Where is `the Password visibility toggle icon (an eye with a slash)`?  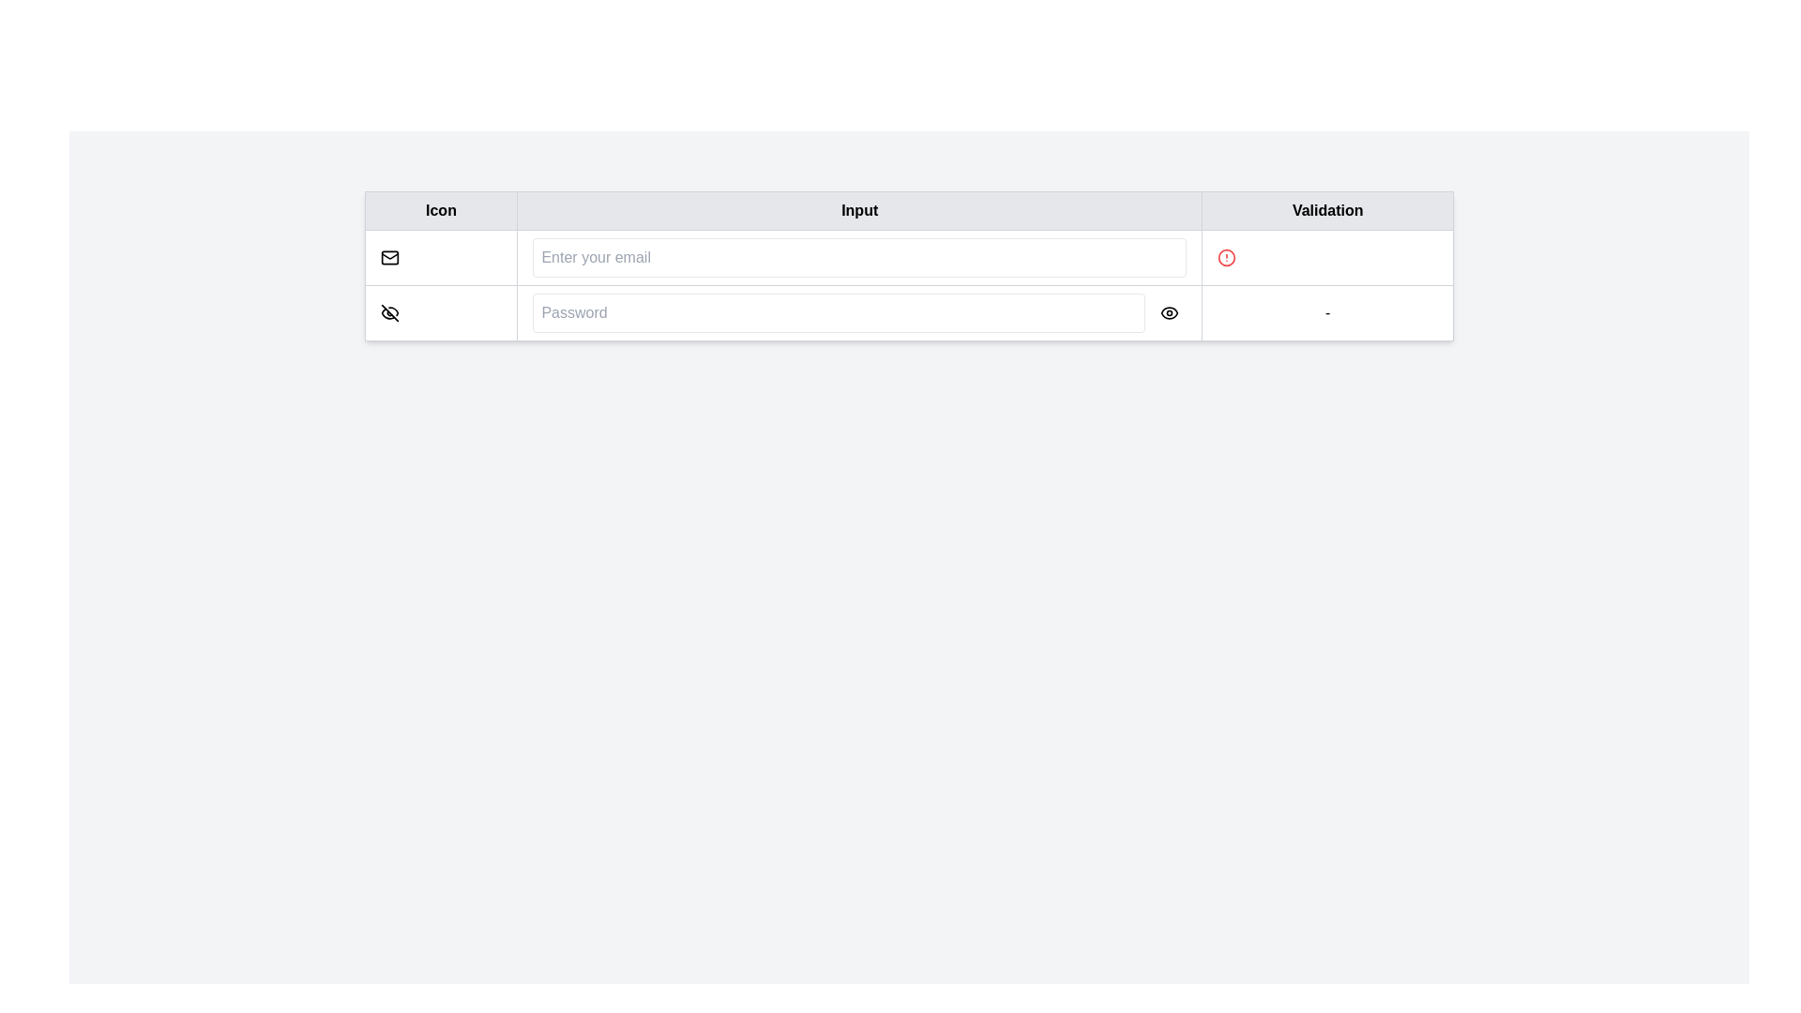 the Password visibility toggle icon (an eye with a slash) is located at coordinates (388, 312).